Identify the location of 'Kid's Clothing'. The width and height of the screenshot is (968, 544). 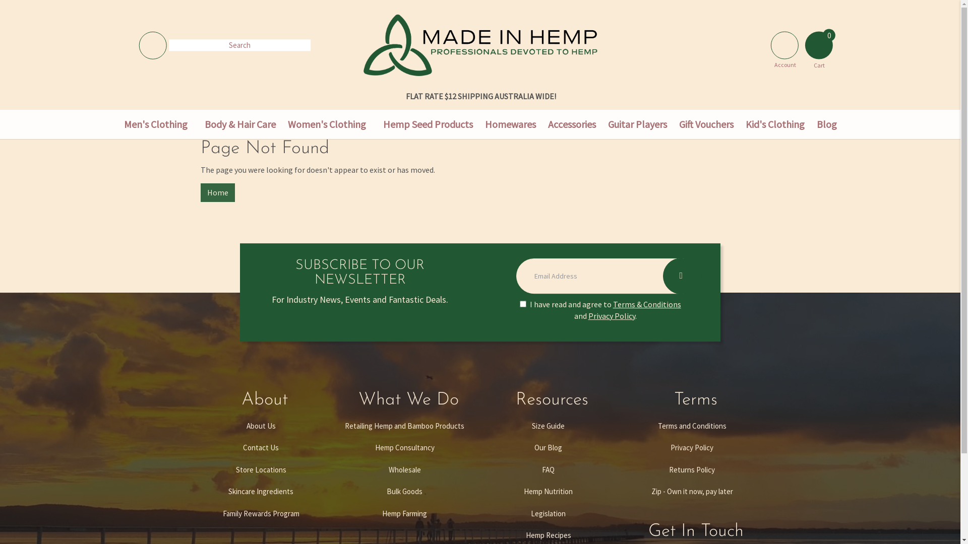
(774, 124).